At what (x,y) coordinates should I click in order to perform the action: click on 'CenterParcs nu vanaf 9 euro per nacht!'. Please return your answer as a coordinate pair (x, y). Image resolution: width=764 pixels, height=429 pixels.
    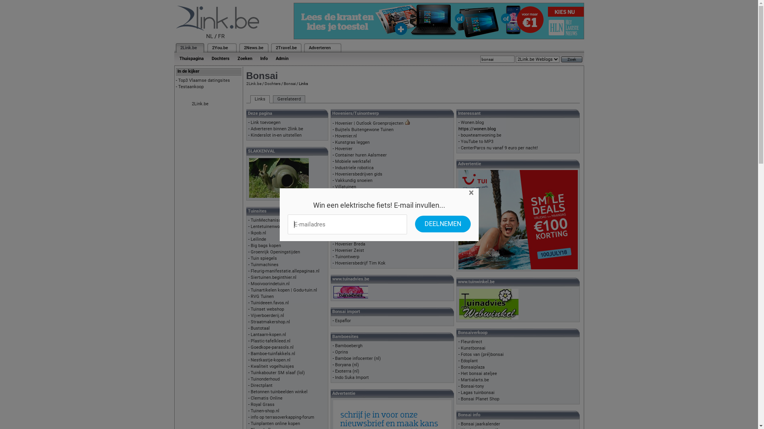
    Looking at the image, I should click on (499, 148).